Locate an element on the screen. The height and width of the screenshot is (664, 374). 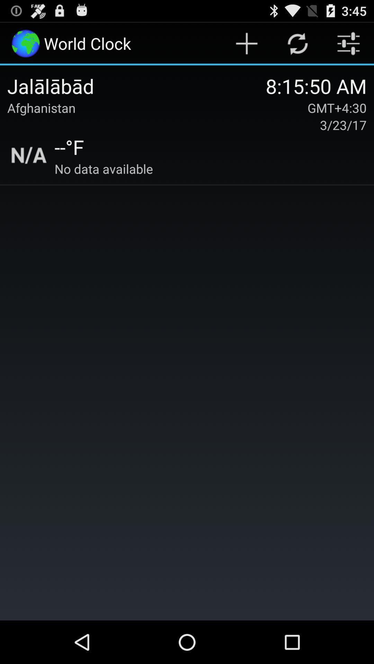
the no data available is located at coordinates (104, 169).